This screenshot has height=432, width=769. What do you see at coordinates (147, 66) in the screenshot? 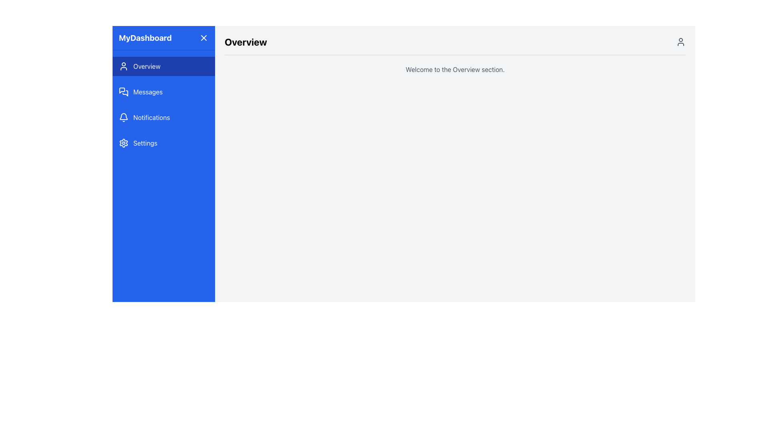
I see `the 'Overview' text label in the left navigation panel, which is styled as a block element with a blue background` at bounding box center [147, 66].